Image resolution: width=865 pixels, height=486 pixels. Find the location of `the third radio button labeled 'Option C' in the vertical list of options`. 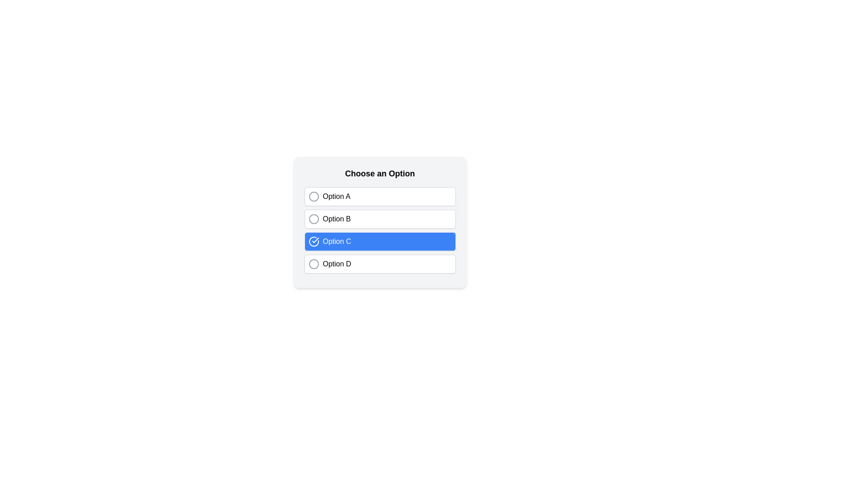

the third radio button labeled 'Option C' in the vertical list of options is located at coordinates (380, 230).